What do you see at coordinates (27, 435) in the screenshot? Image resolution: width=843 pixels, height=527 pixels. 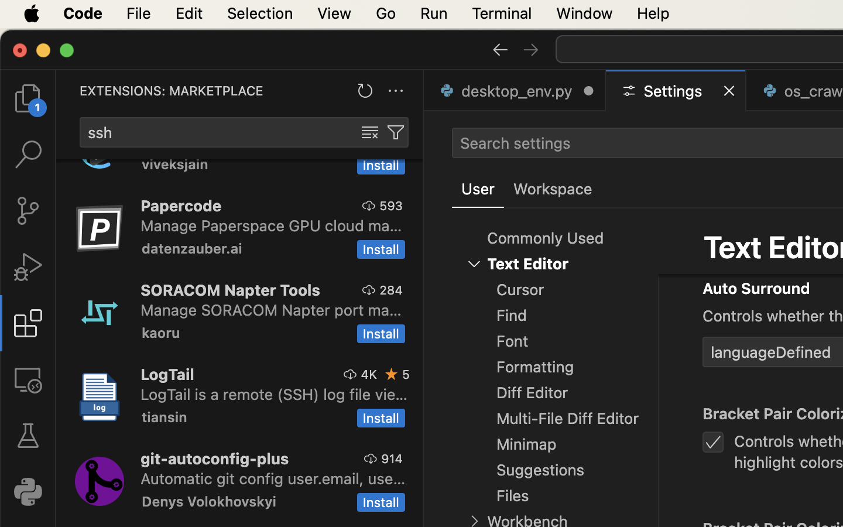 I see `''` at bounding box center [27, 435].